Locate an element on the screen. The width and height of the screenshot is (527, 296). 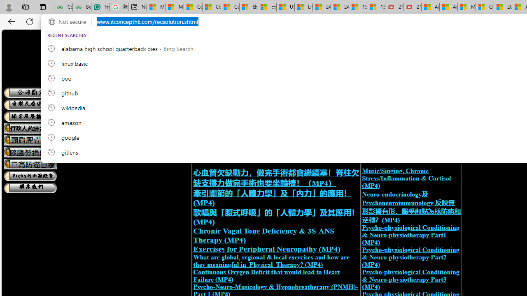
'Free AI Writing Assistance for Students | Grammarly' is located at coordinates (100, 7).